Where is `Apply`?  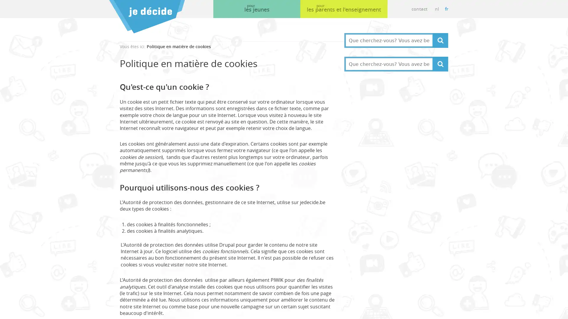
Apply is located at coordinates (440, 64).